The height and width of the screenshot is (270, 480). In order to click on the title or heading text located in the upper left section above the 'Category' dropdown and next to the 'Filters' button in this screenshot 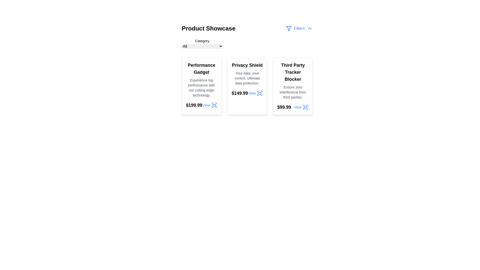, I will do `click(208, 28)`.